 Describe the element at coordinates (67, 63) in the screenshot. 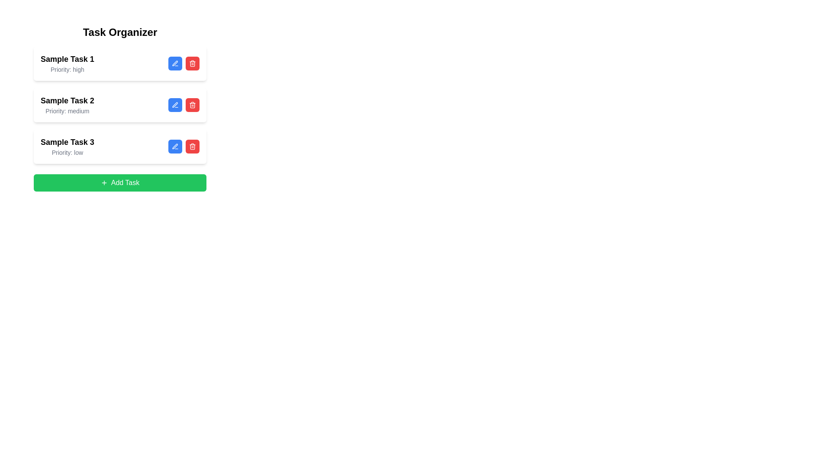

I see `the compound textual component displaying 'Sample Task 1' with the subtitle 'Priority: high' located at the top of the task list in the Task Organizer interface` at that location.